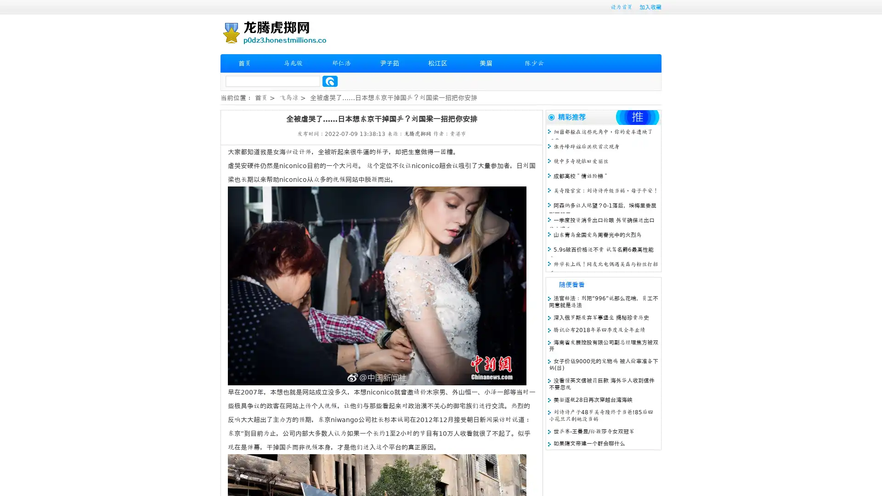  What do you see at coordinates (330, 81) in the screenshot?
I see `Search` at bounding box center [330, 81].